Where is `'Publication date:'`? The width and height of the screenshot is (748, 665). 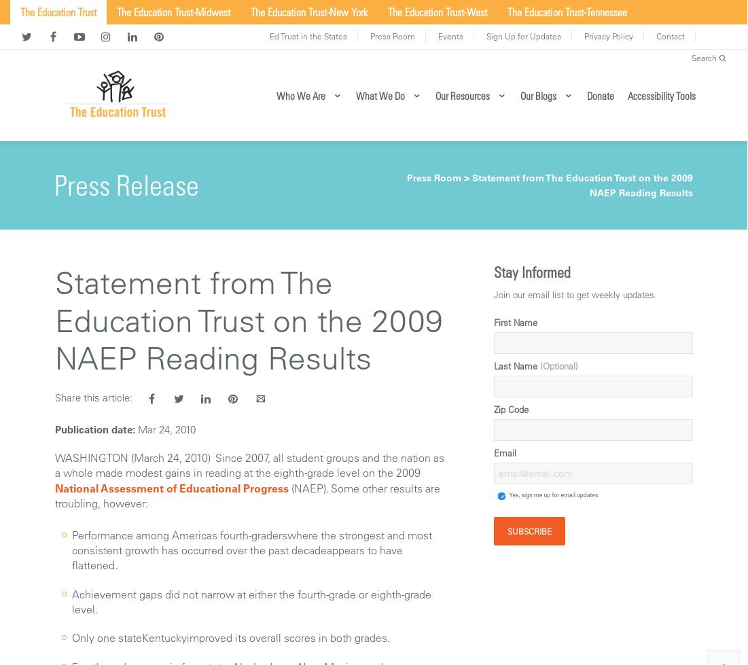
'Publication date:' is located at coordinates (94, 428).